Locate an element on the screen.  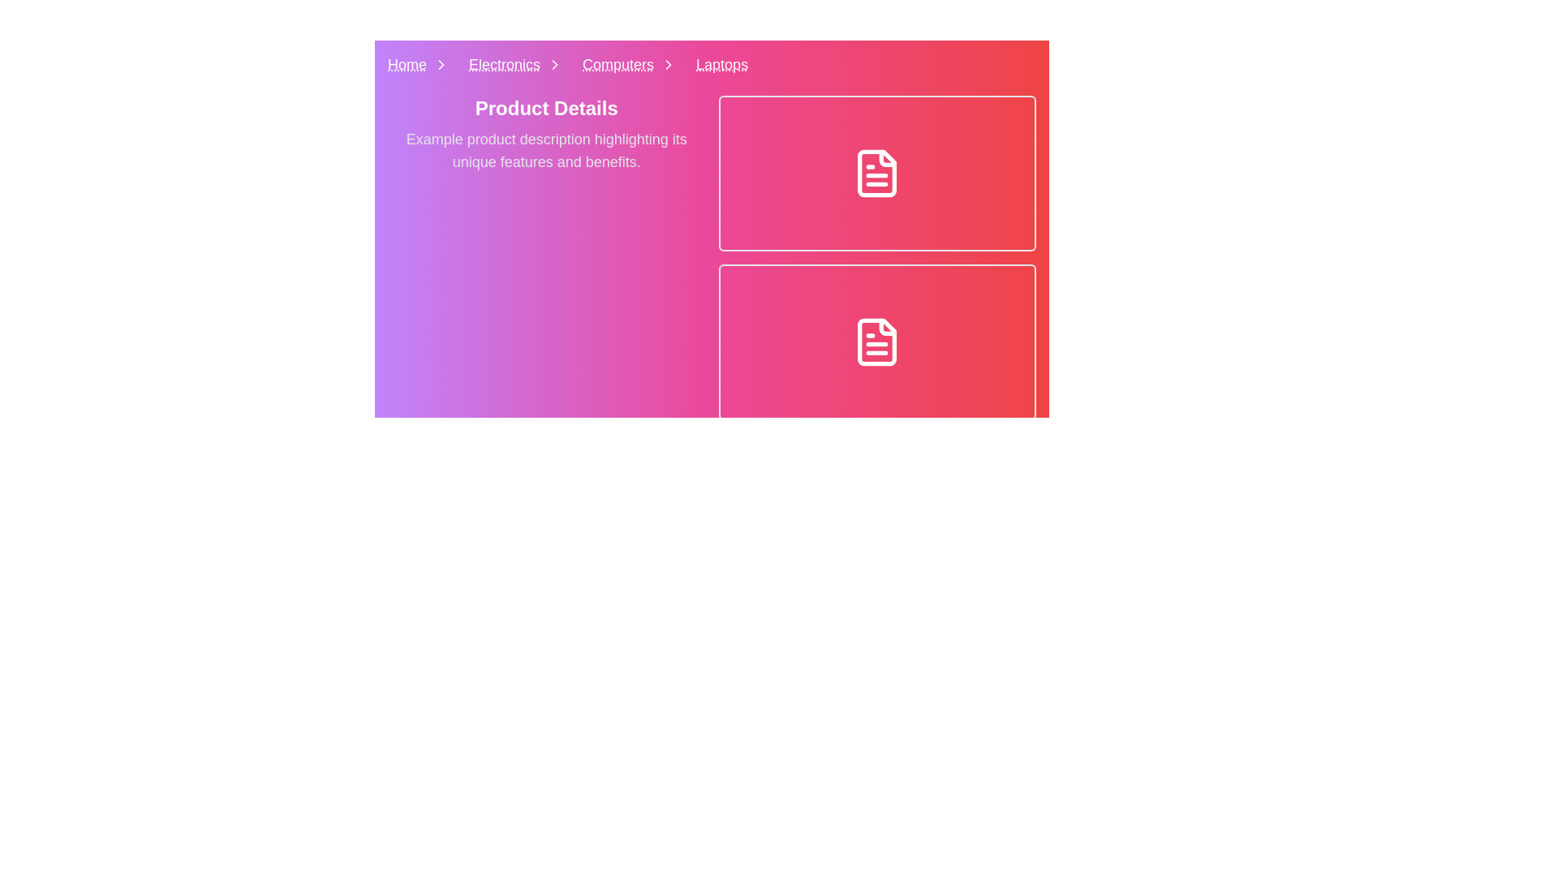
the 'Computers' hyperlink in the breadcrumb list is located at coordinates (618, 64).